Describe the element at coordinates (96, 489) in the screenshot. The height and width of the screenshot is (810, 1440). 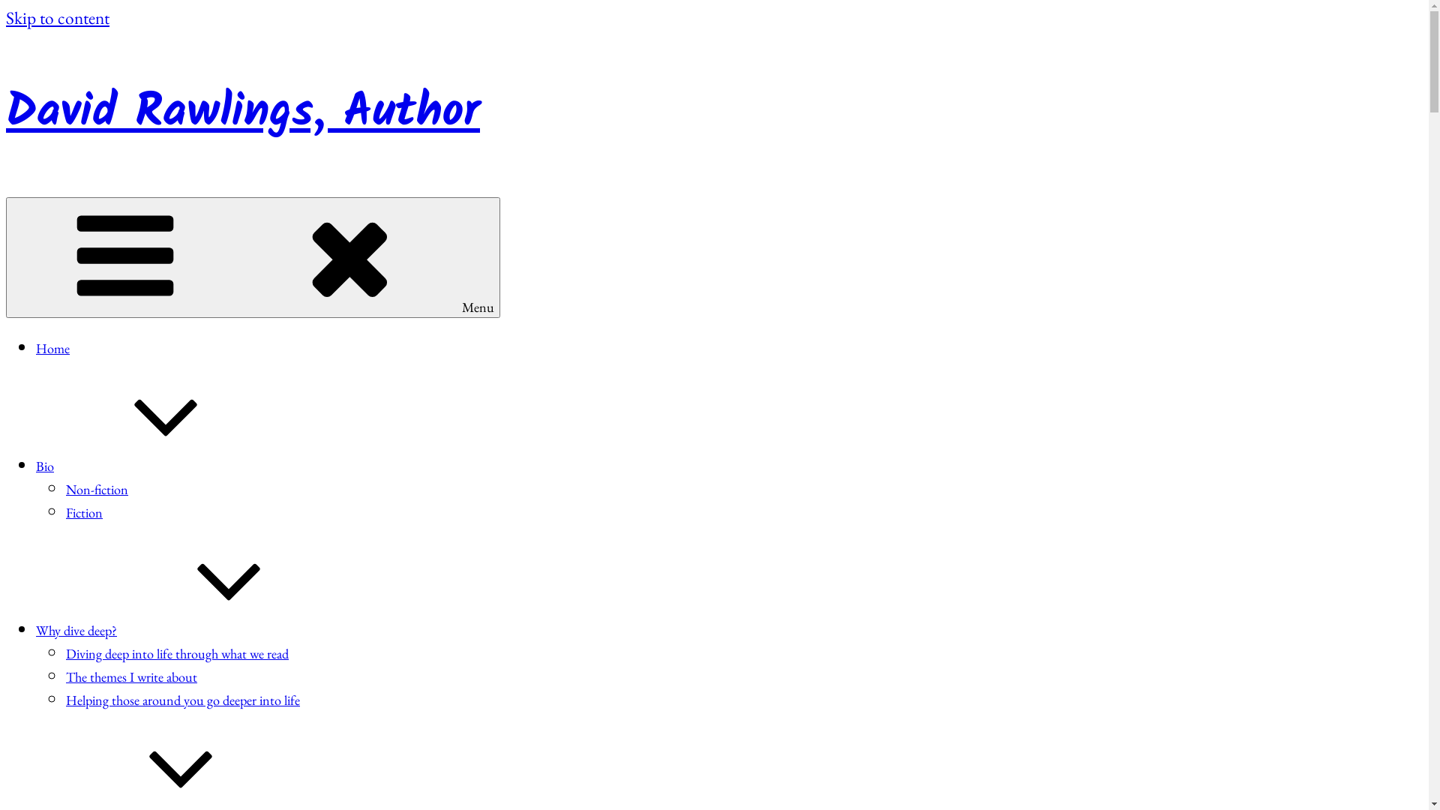
I see `'Non-fiction'` at that location.